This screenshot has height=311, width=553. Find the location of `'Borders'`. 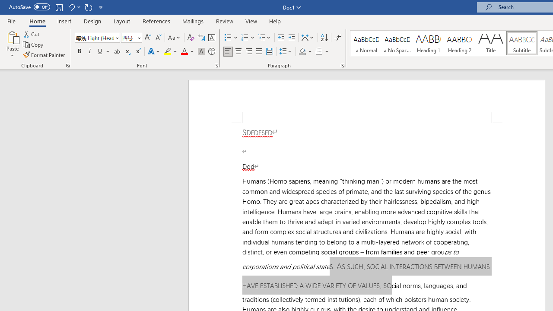

'Borders' is located at coordinates (319, 51).